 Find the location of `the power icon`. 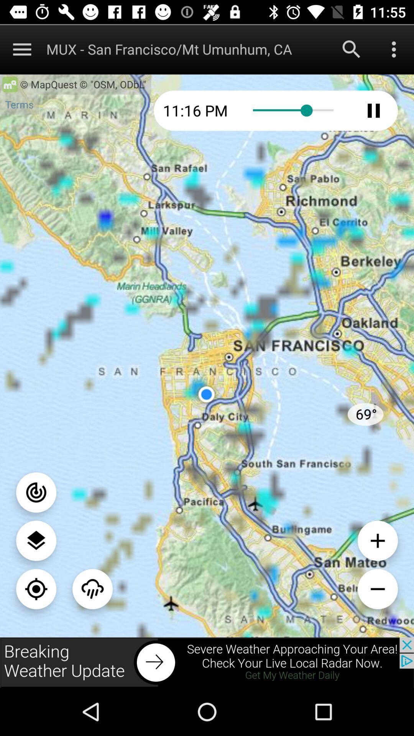

the power icon is located at coordinates (36, 492).